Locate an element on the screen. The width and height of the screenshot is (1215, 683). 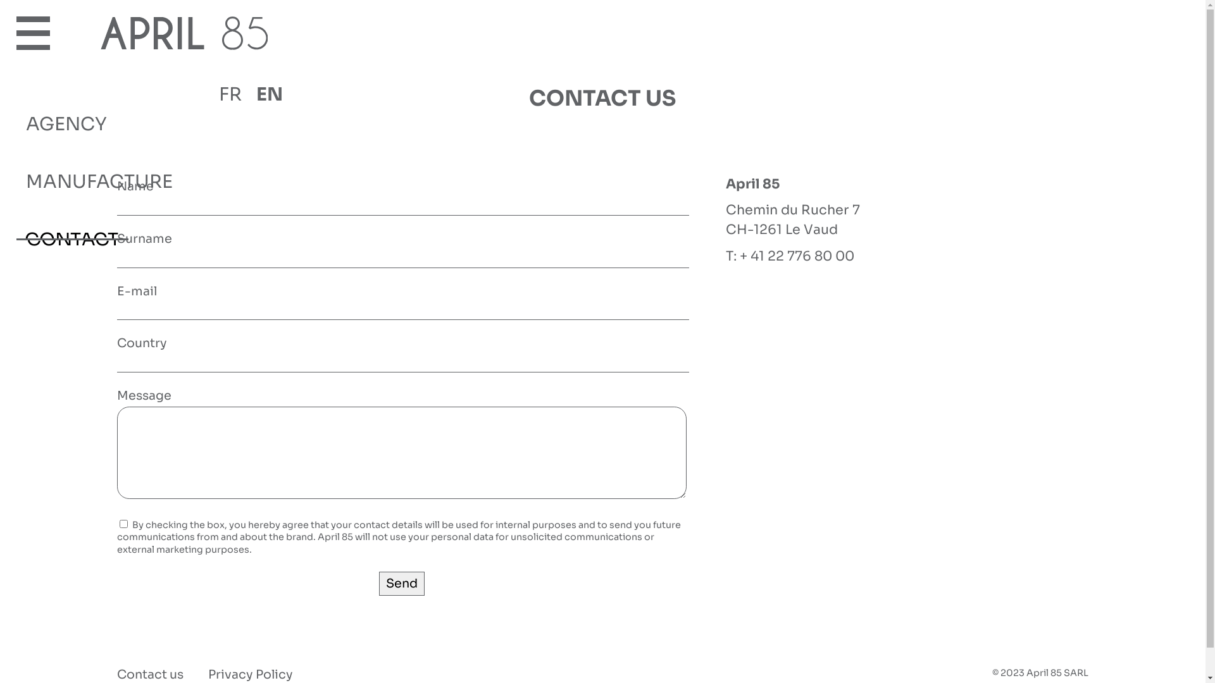
'Send' is located at coordinates (378, 583).